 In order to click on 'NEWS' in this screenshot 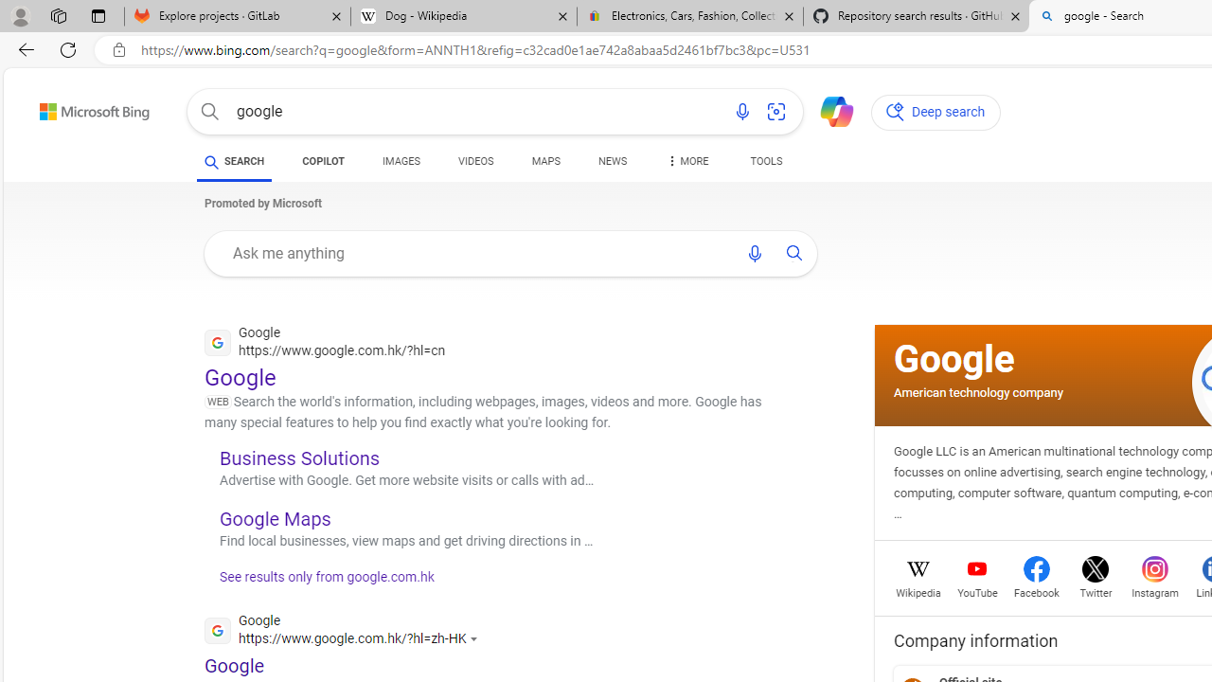, I will do `click(613, 161)`.